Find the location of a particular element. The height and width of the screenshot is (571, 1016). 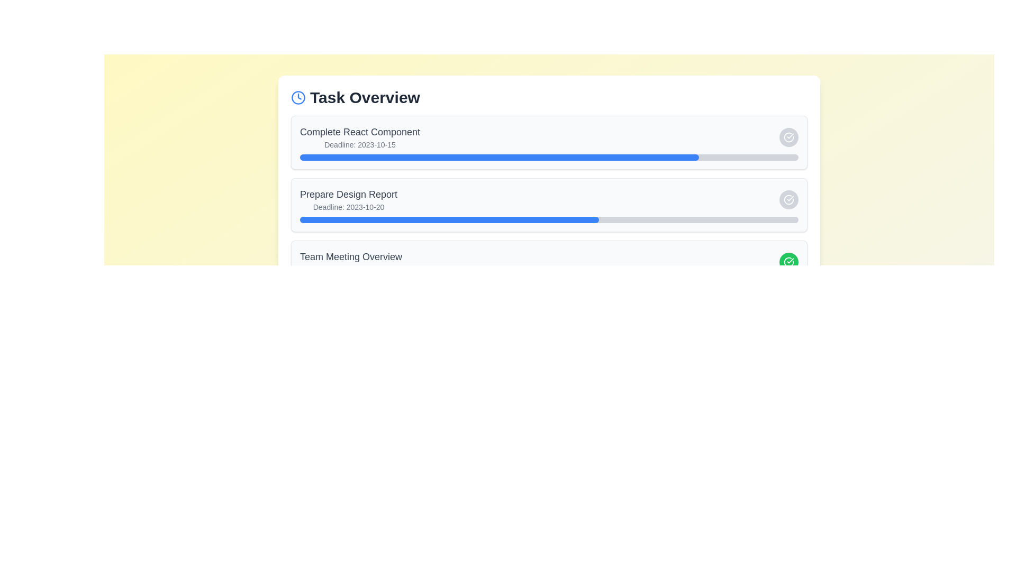

the status icon within the circular button for the 'Prepare Design Report' task is located at coordinates (789, 136).